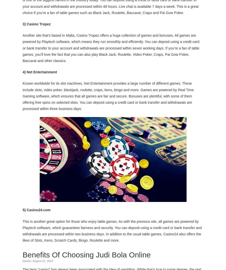 This screenshot has height=270, width=226. I want to click on 'Known worldwide for its slot machines, Net Entertainment provides a large number of different games. These include slots, video poker, blackjack, roulette, craps, keno, bingo and more. Games are powered by Real Time Gaming software, which ensures that all games are fair and secure. Bonuses are plentiful, with some of them offering free spins on selected slots. You can deposit using a credit card or bank transfer and withdrawals are processed within three business days.', so click(108, 96).